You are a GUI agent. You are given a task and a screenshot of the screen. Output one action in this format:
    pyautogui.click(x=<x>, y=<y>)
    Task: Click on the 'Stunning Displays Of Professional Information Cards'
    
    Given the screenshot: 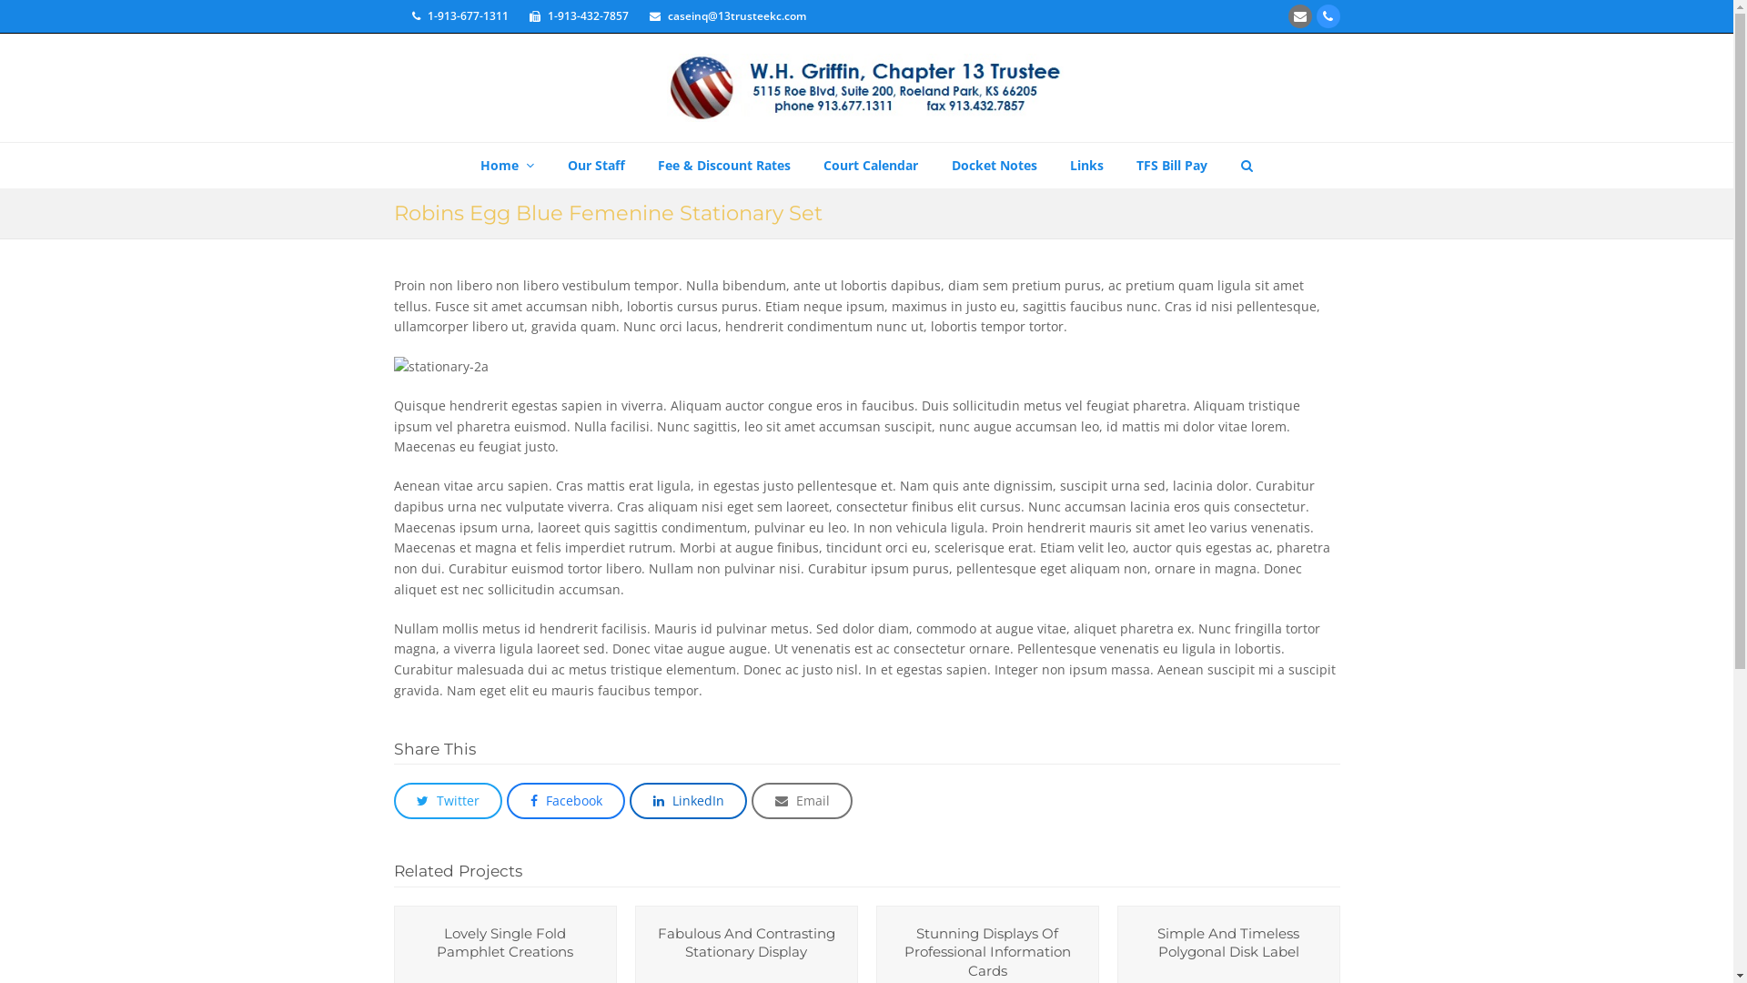 What is the action you would take?
    pyautogui.click(x=986, y=950)
    